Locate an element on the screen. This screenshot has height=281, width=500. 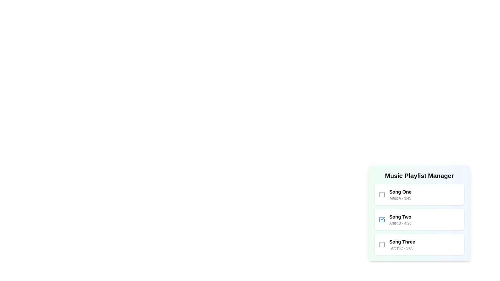
the 'Song Two' text display to interact with adjacent elements in the playlist interface is located at coordinates (400, 220).